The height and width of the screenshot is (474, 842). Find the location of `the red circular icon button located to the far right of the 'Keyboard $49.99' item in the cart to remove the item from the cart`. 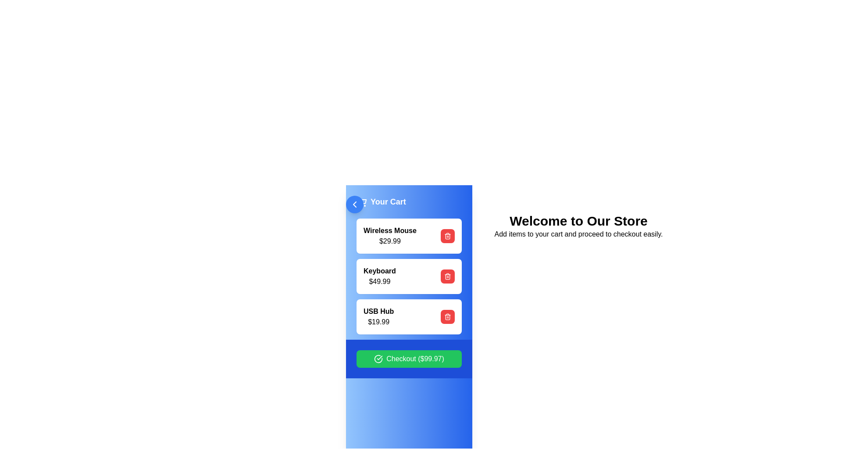

the red circular icon button located to the far right of the 'Keyboard $49.99' item in the cart to remove the item from the cart is located at coordinates (448, 276).